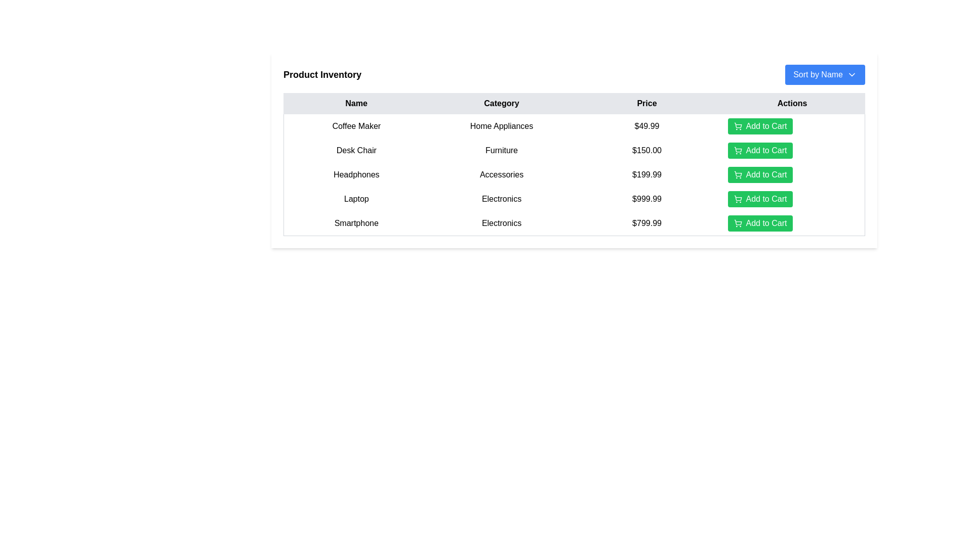  What do you see at coordinates (738, 173) in the screenshot?
I see `the 'Add to Cart' icon located in the Actions column of the product inventory table for the item 'Headphones'` at bounding box center [738, 173].